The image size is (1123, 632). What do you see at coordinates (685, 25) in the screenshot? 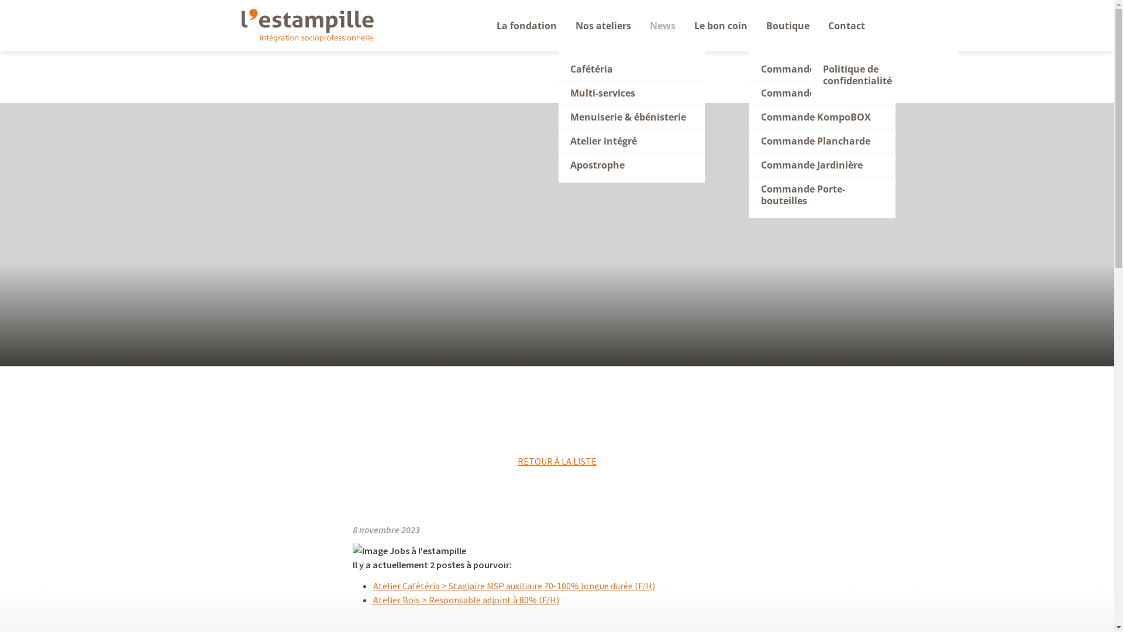
I see `'Le bon coin'` at bounding box center [685, 25].